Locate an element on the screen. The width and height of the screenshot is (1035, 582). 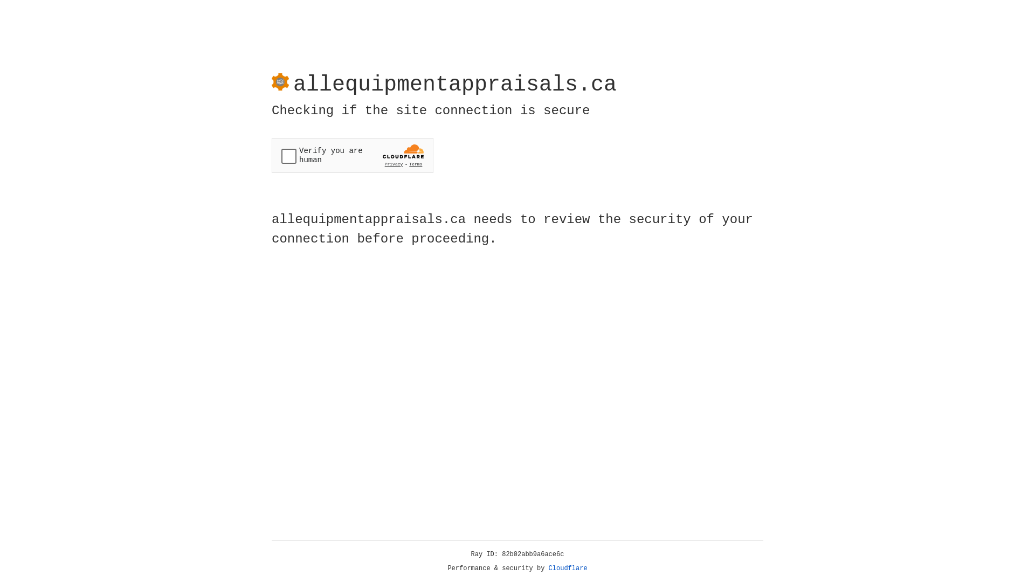
'Widget containing a Cloudflare security challenge' is located at coordinates (352, 155).